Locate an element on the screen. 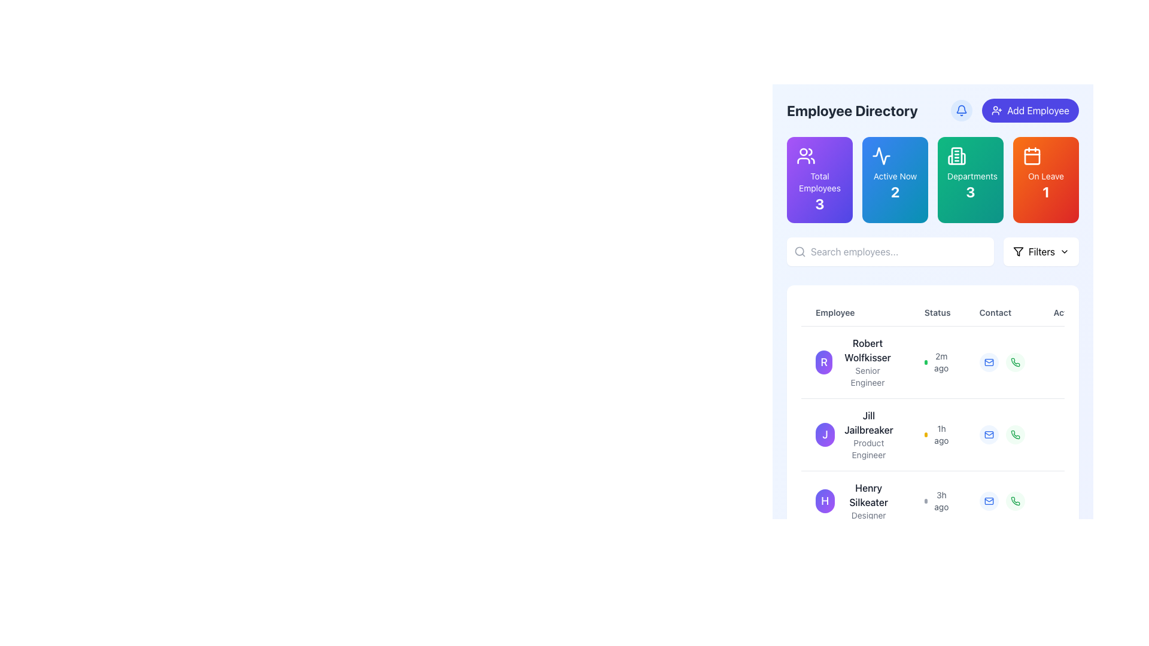  the graphical representation of the 'Active Now' SVG Icon located within the blue 'Active Now' card, which is the second card under the 'Employee Directory' title is located at coordinates (881, 156).